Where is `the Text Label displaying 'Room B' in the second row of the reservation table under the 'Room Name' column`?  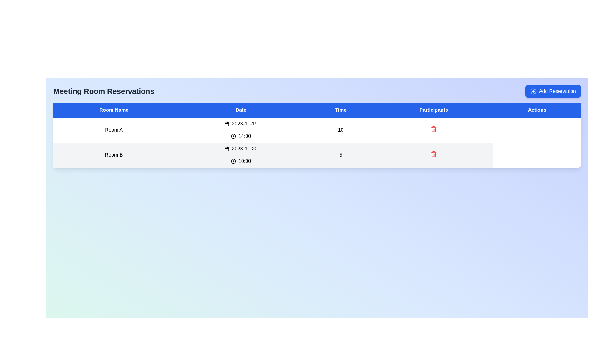 the Text Label displaying 'Room B' in the second row of the reservation table under the 'Room Name' column is located at coordinates (114, 155).